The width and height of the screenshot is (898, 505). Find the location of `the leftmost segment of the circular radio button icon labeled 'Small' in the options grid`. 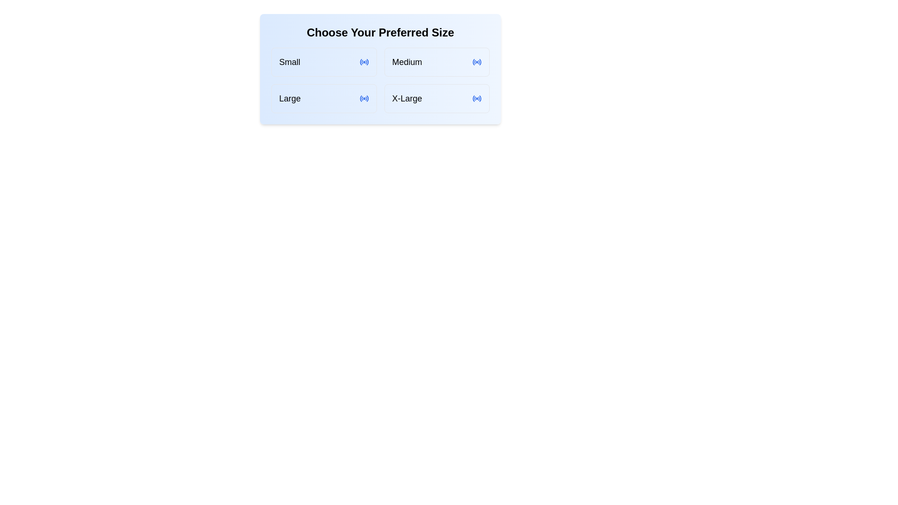

the leftmost segment of the circular radio button icon labeled 'Small' in the options grid is located at coordinates (360, 62).